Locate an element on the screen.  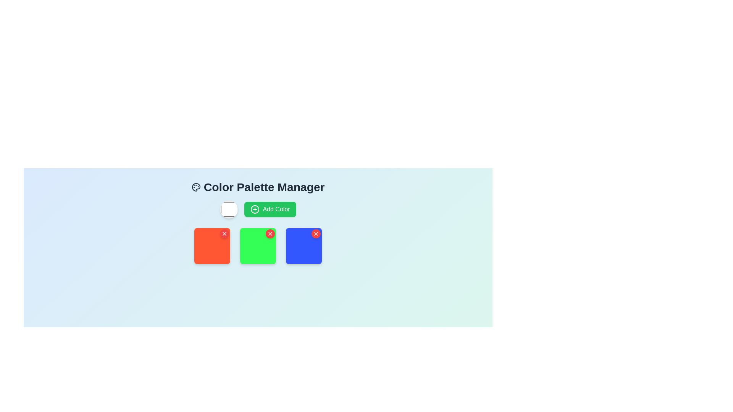
the delete button located at the top-right corner of the Interactive Color Tile, which is the third tile in a row of three tiles in the grid layout is located at coordinates (304, 246).